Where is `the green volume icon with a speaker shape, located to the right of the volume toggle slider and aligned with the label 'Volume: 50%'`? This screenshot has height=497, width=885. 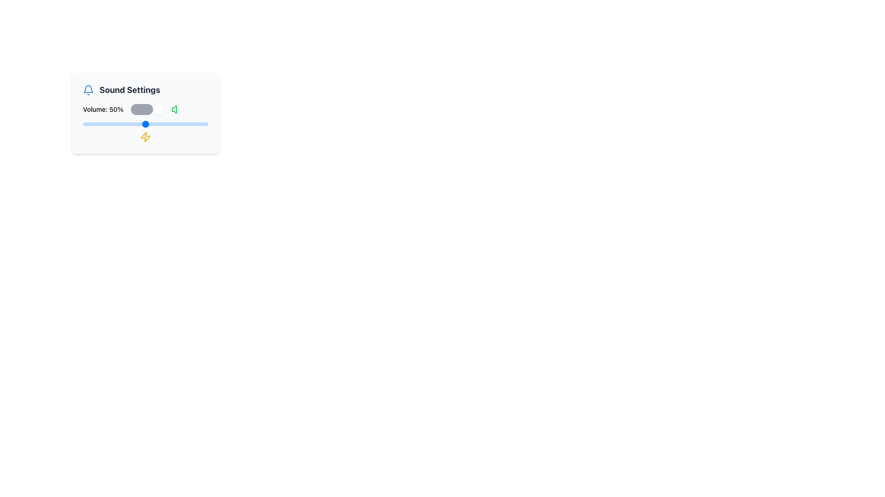
the green volume icon with a speaker shape, located to the right of the volume toggle slider and aligned with the label 'Volume: 50%' is located at coordinates (177, 109).